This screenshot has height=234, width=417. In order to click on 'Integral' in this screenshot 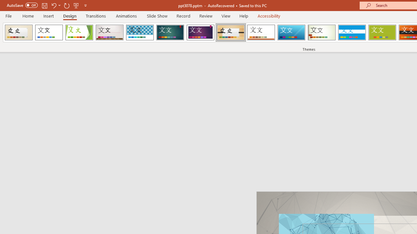, I will do `click(139, 32)`.